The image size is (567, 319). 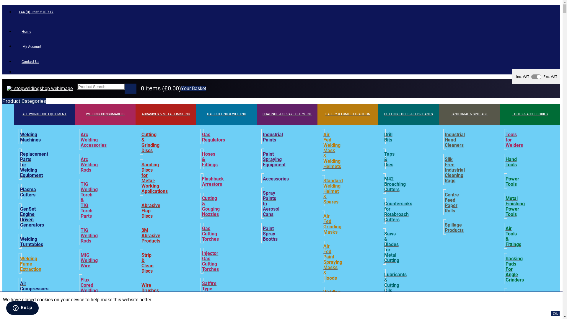 What do you see at coordinates (22, 308) in the screenshot?
I see `'Opens a widget where you can chat to one of our agents'` at bounding box center [22, 308].